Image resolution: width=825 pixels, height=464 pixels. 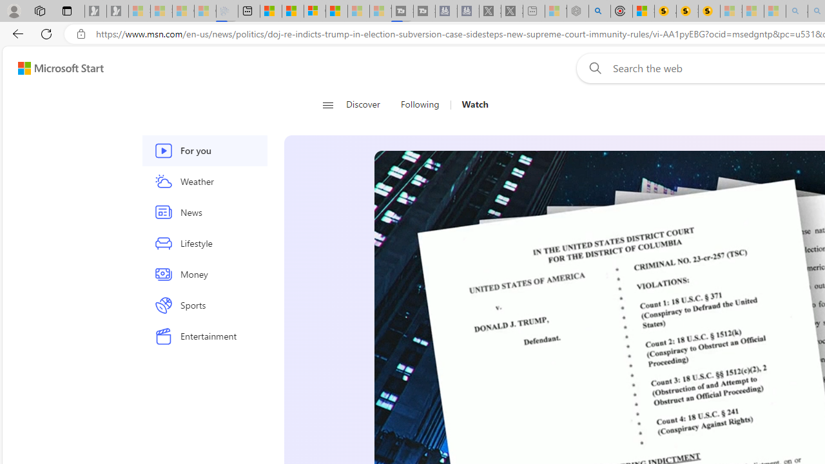 What do you see at coordinates (708, 11) in the screenshot?
I see `'Michelle Starr, Senior Journalist at ScienceAlert'` at bounding box center [708, 11].